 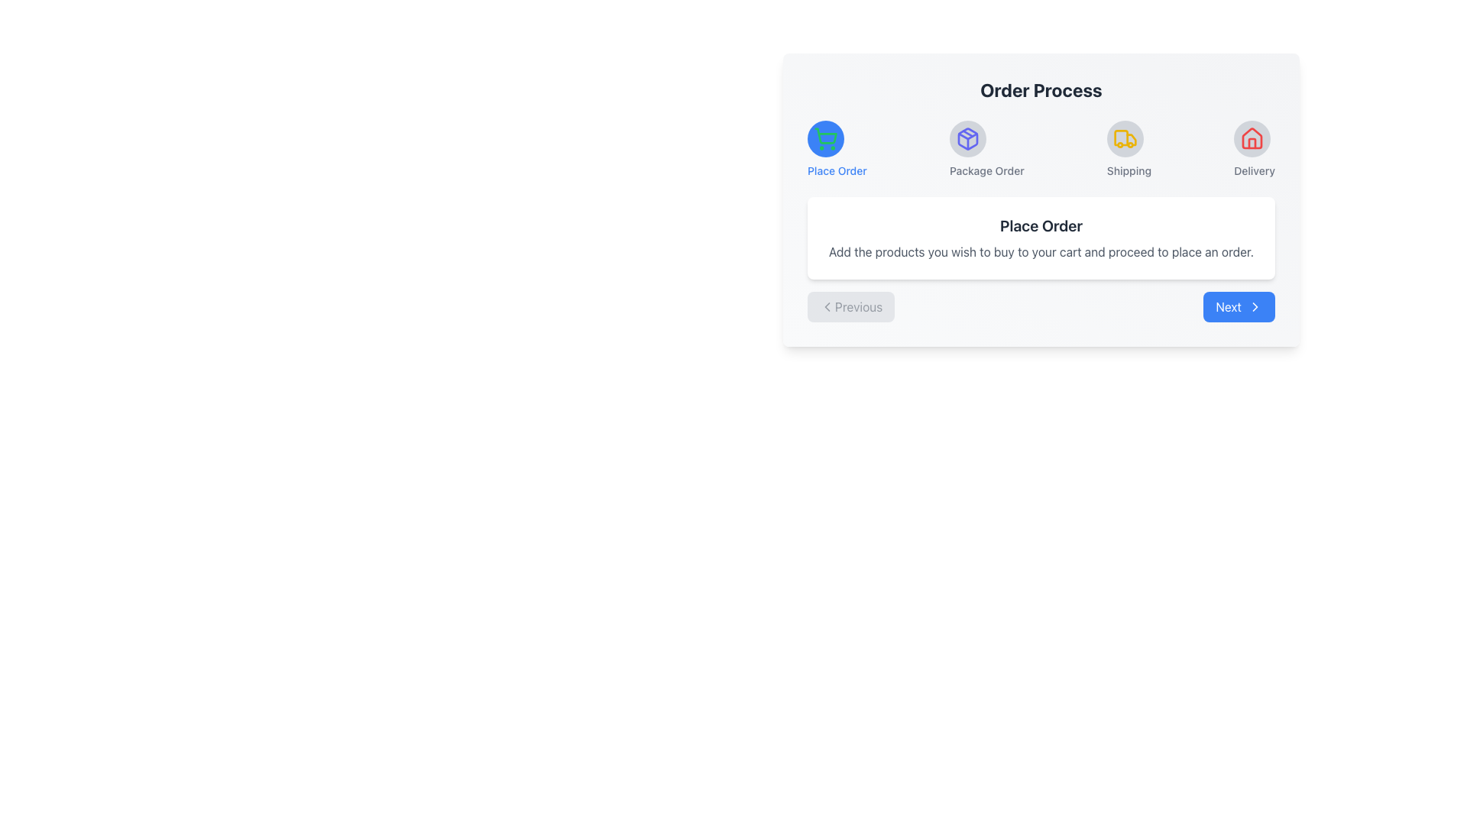 What do you see at coordinates (967, 135) in the screenshot?
I see `the SVG polygon representing the triangular shape of the package icon located under the 'Package Order' label` at bounding box center [967, 135].